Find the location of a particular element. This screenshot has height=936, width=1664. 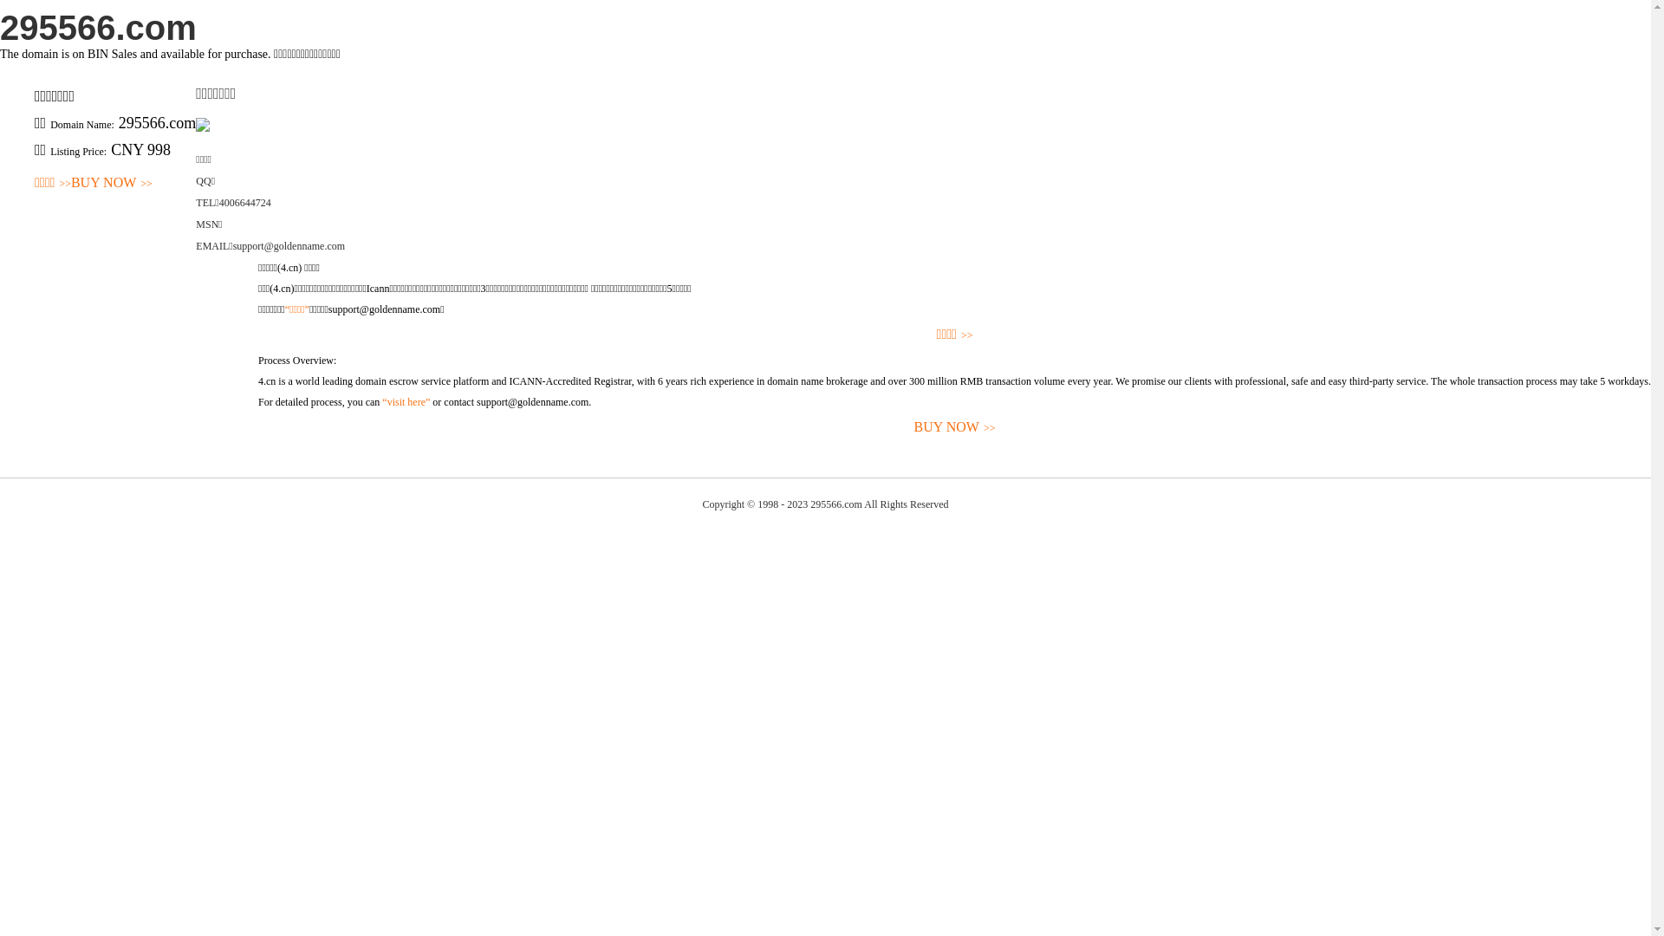

'BUY NOW>>' is located at coordinates (111, 183).